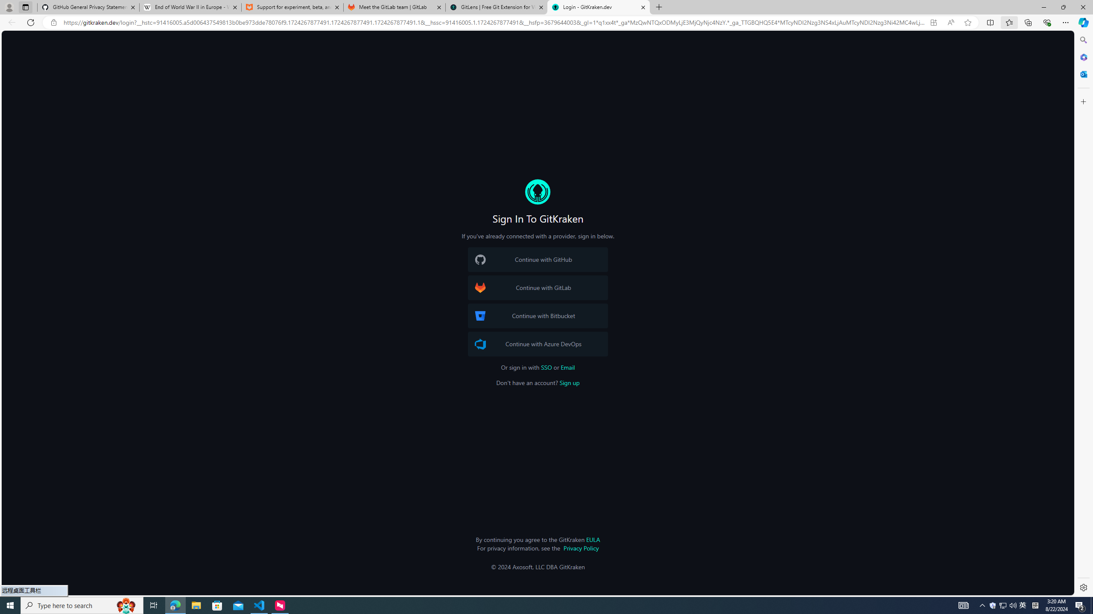  Describe the element at coordinates (581, 547) in the screenshot. I see `'Privacy Policy'` at that location.